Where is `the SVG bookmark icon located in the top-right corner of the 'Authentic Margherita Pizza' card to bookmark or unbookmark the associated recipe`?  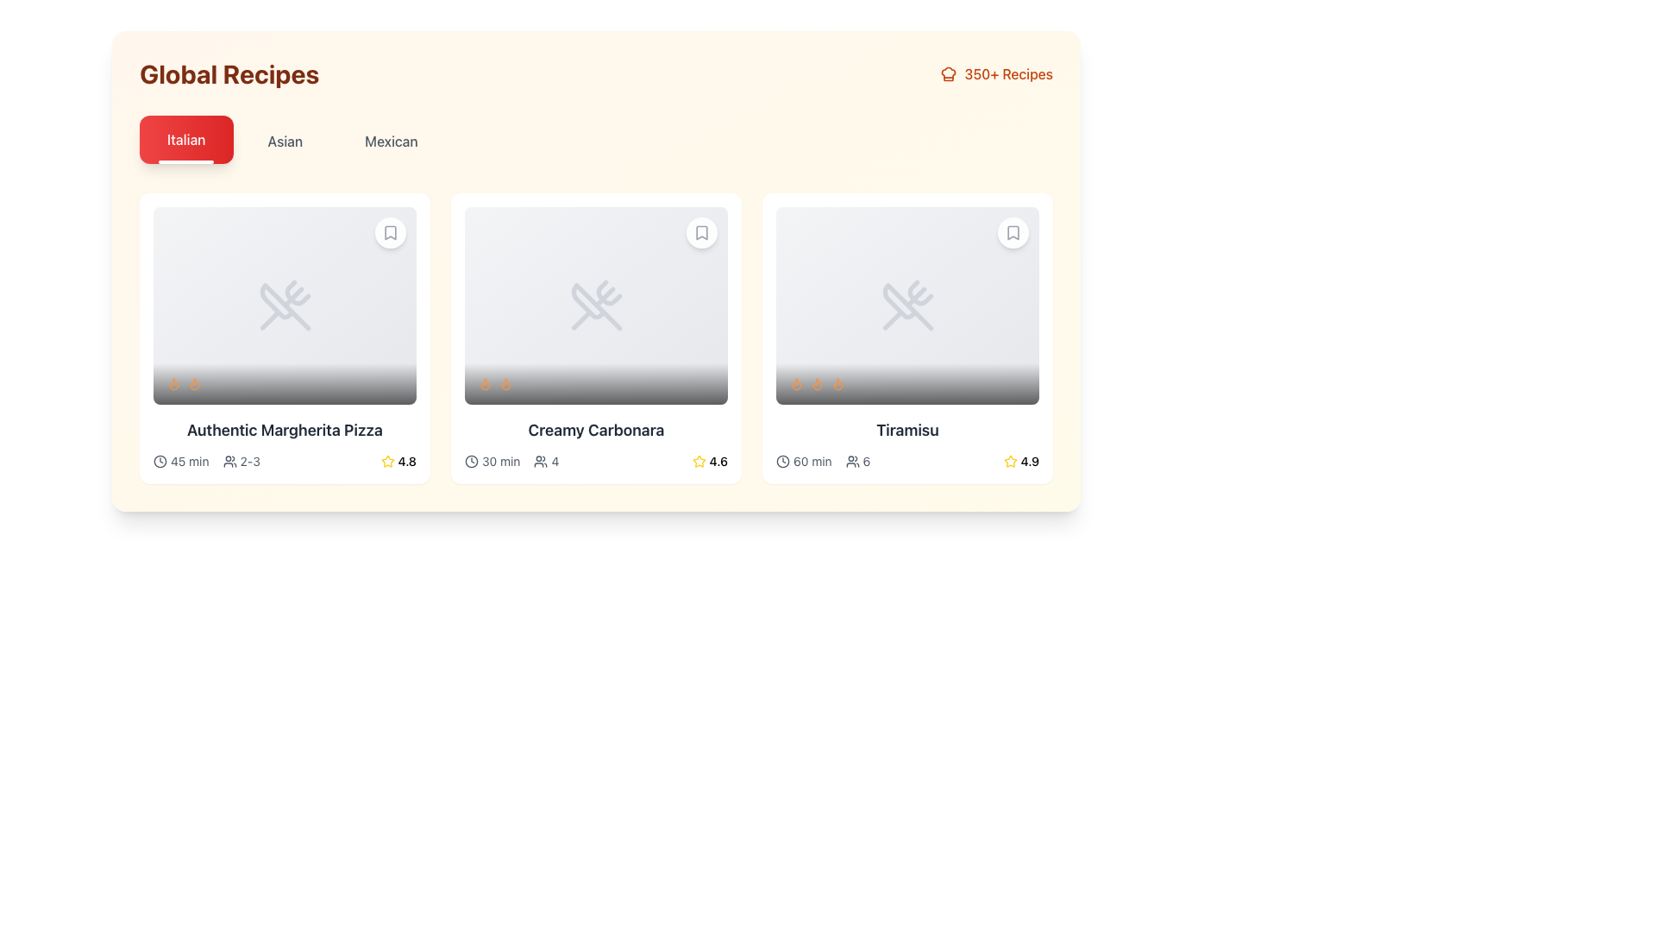
the SVG bookmark icon located in the top-right corner of the 'Authentic Margherita Pizza' card to bookmark or unbookmark the associated recipe is located at coordinates (389, 233).